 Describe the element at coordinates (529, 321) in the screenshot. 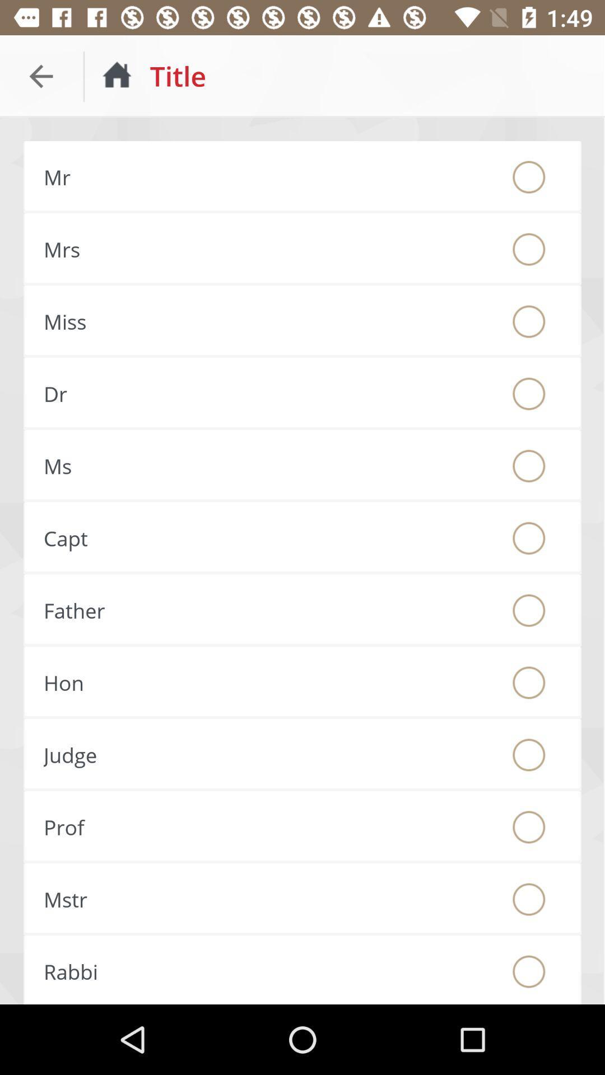

I see `title selection` at that location.